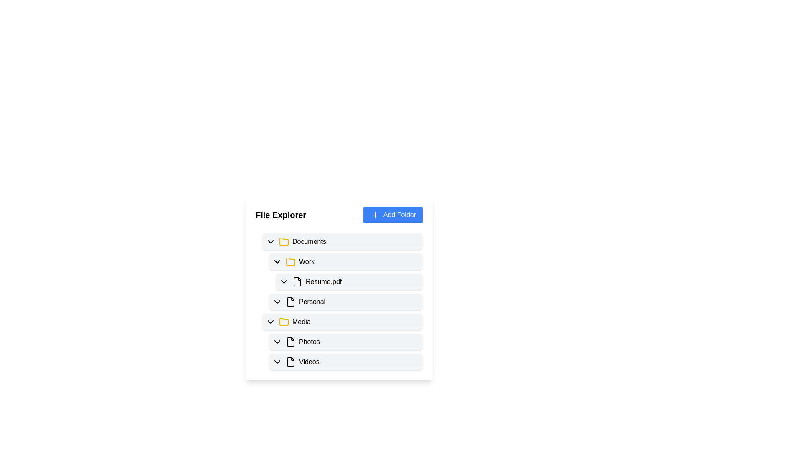  What do you see at coordinates (284, 241) in the screenshot?
I see `the folder icon representing the Documents category in the File Explorer interface` at bounding box center [284, 241].